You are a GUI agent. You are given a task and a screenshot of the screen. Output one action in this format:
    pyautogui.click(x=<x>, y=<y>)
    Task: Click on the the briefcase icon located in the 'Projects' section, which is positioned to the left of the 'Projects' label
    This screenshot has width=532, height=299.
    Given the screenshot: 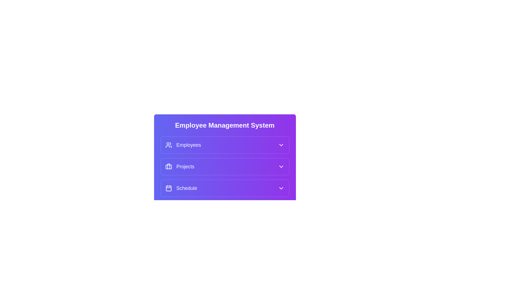 What is the action you would take?
    pyautogui.click(x=168, y=166)
    